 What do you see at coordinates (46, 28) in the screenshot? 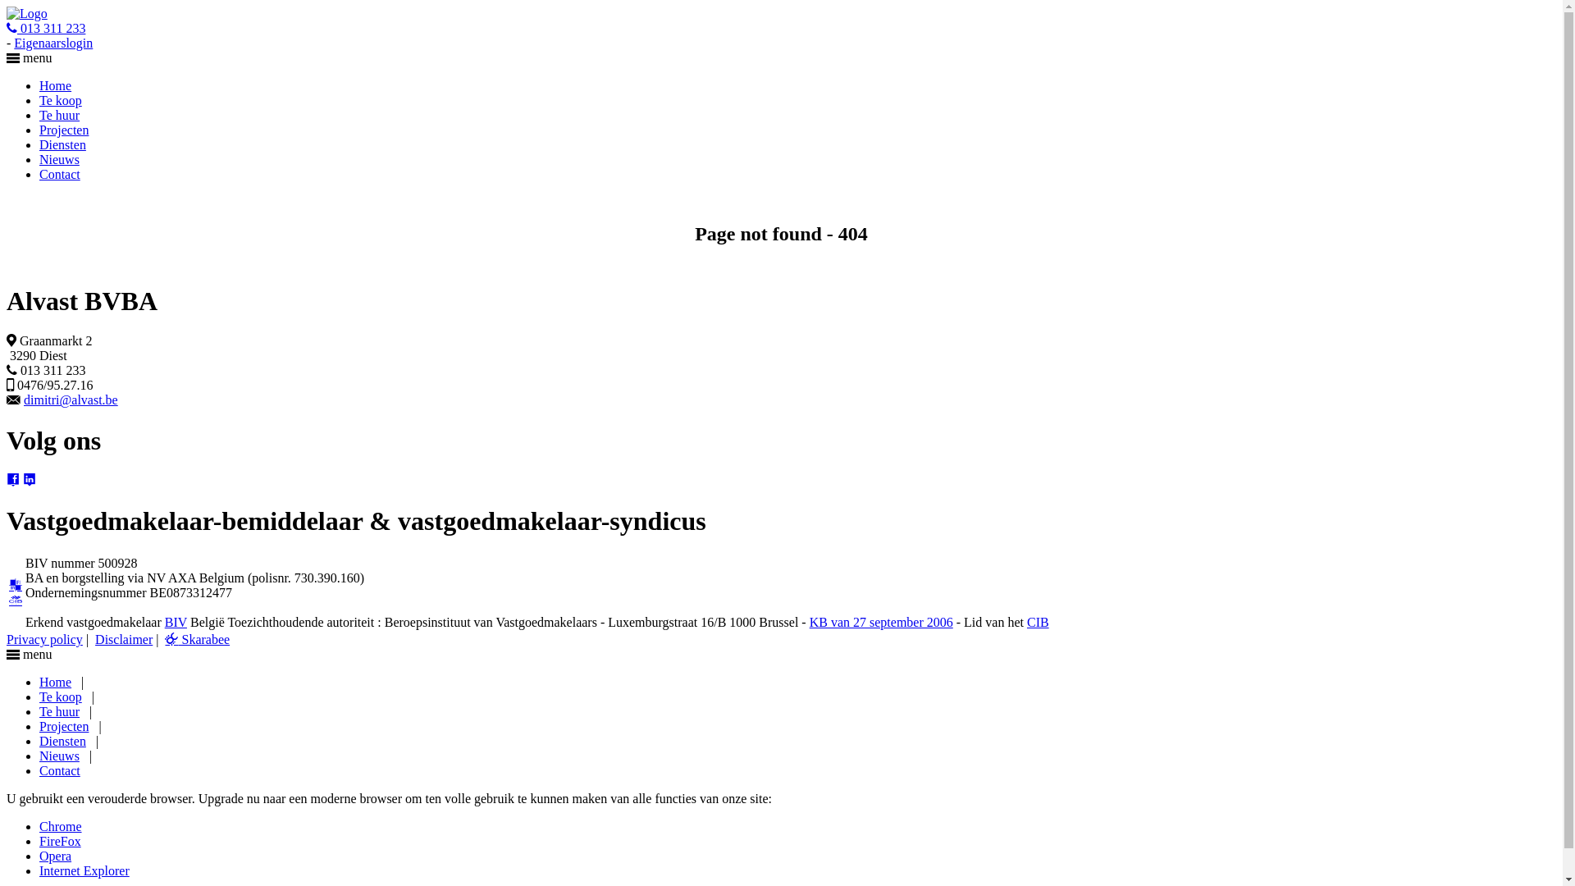
I see `'013 311 233'` at bounding box center [46, 28].